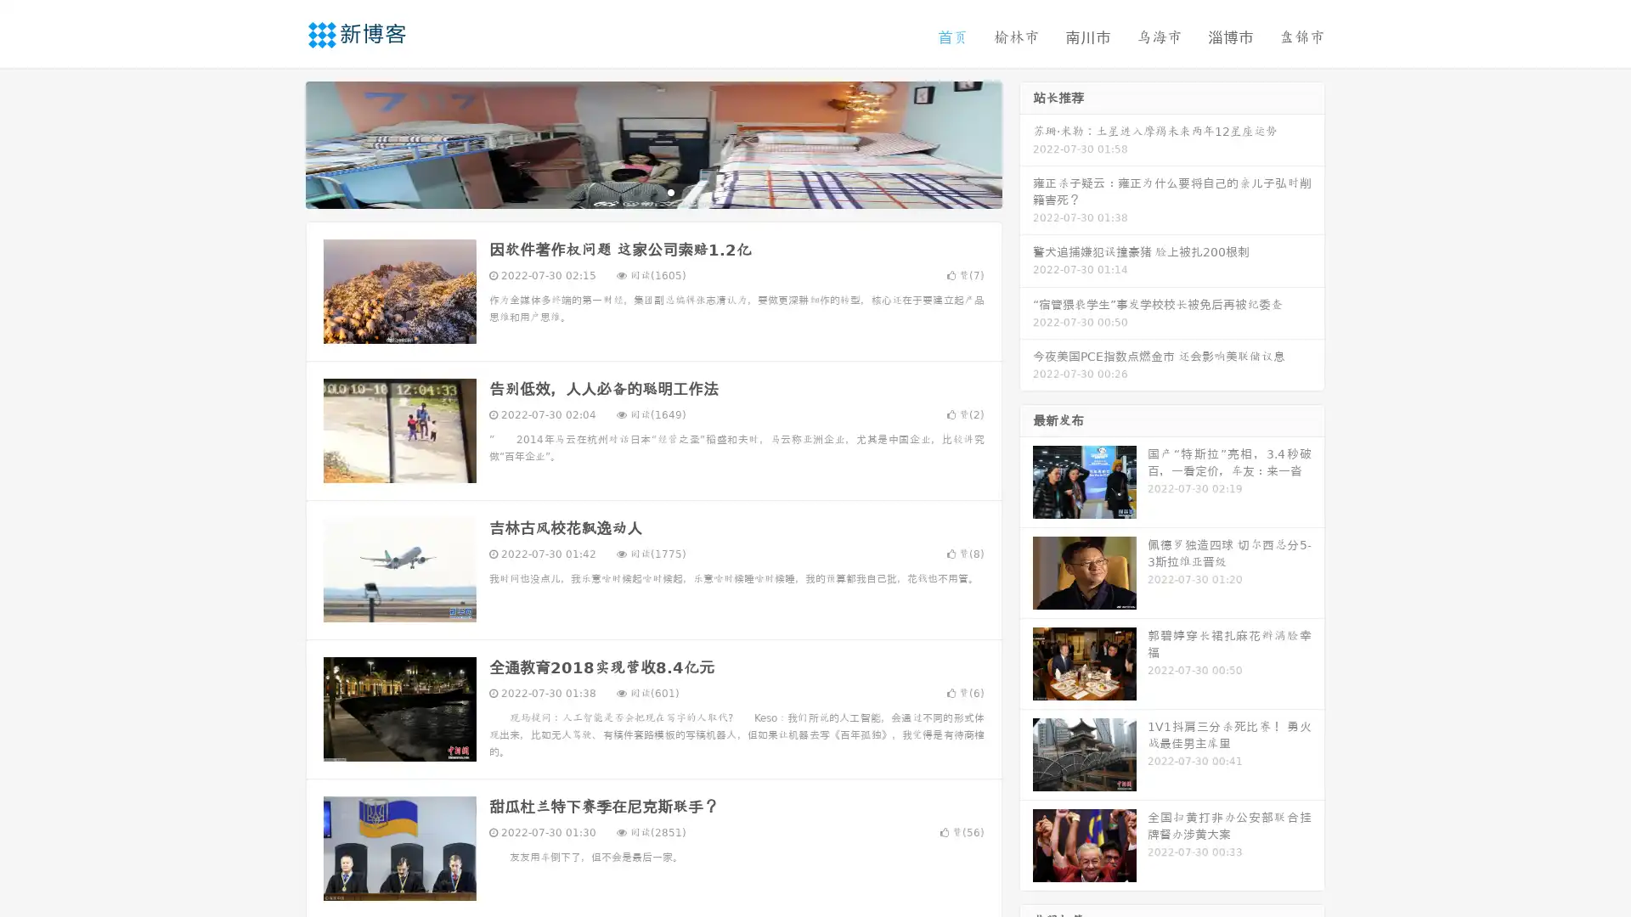 This screenshot has height=917, width=1631. I want to click on Next slide, so click(1026, 143).